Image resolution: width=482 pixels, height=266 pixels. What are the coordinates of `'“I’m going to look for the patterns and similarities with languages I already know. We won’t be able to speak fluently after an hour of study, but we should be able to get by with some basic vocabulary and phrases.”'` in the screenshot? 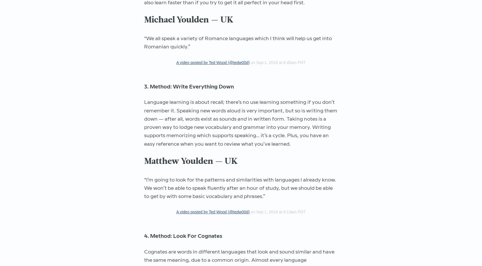 It's located at (240, 188).